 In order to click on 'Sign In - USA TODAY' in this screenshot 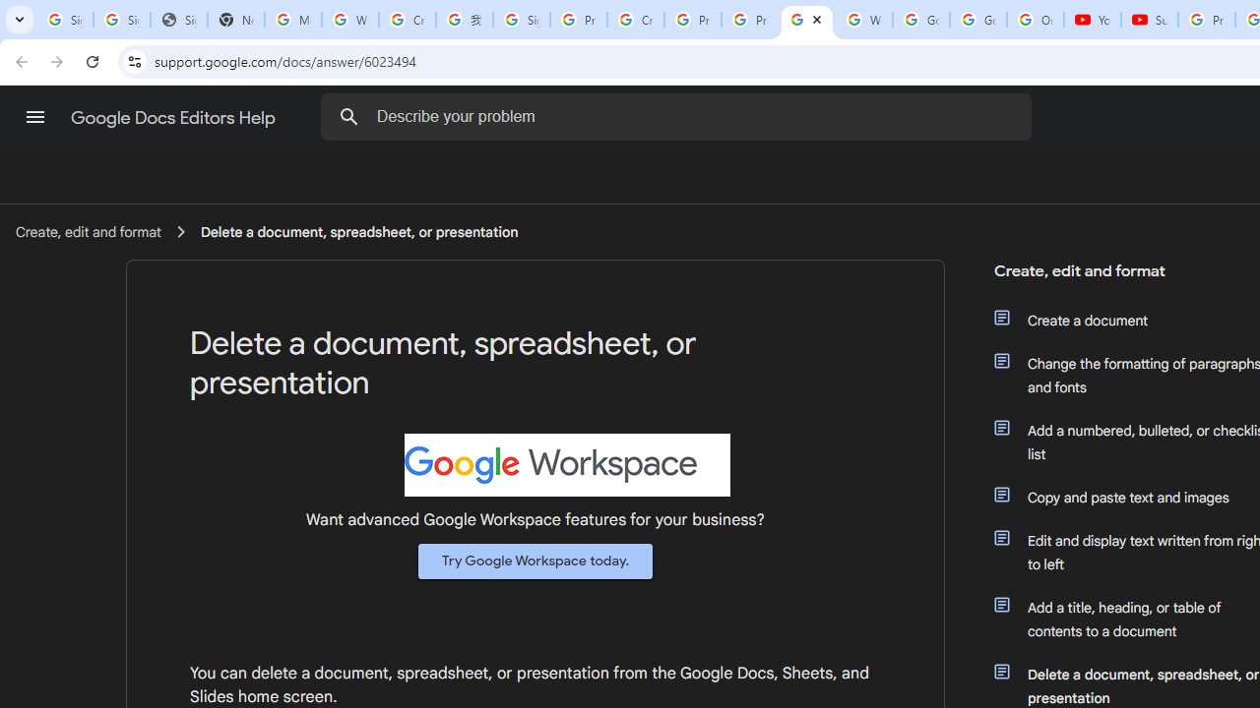, I will do `click(178, 20)`.